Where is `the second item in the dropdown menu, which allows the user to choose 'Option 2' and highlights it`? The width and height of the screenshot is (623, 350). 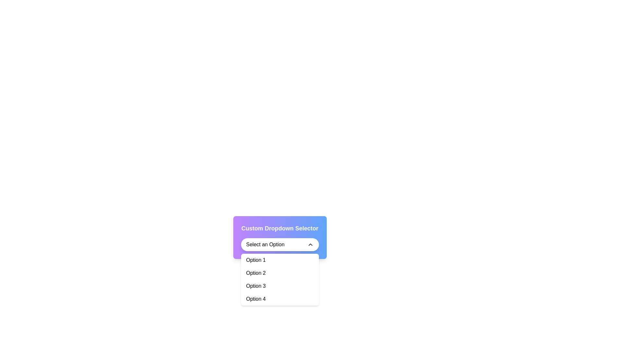 the second item in the dropdown menu, which allows the user to choose 'Option 2' and highlights it is located at coordinates (280, 273).